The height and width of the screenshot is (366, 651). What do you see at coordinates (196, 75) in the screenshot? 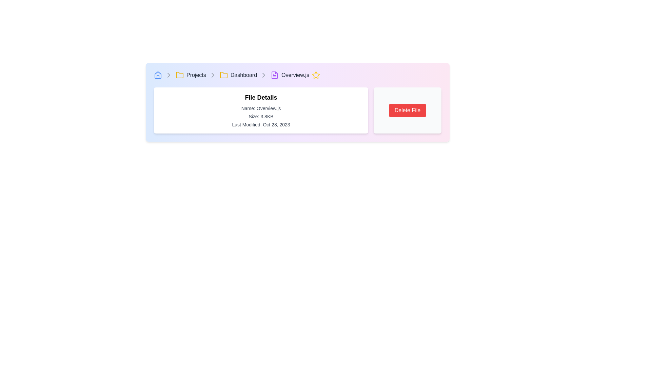
I see `the 'Projects' hyperlink in the breadcrumb navigation bar` at bounding box center [196, 75].